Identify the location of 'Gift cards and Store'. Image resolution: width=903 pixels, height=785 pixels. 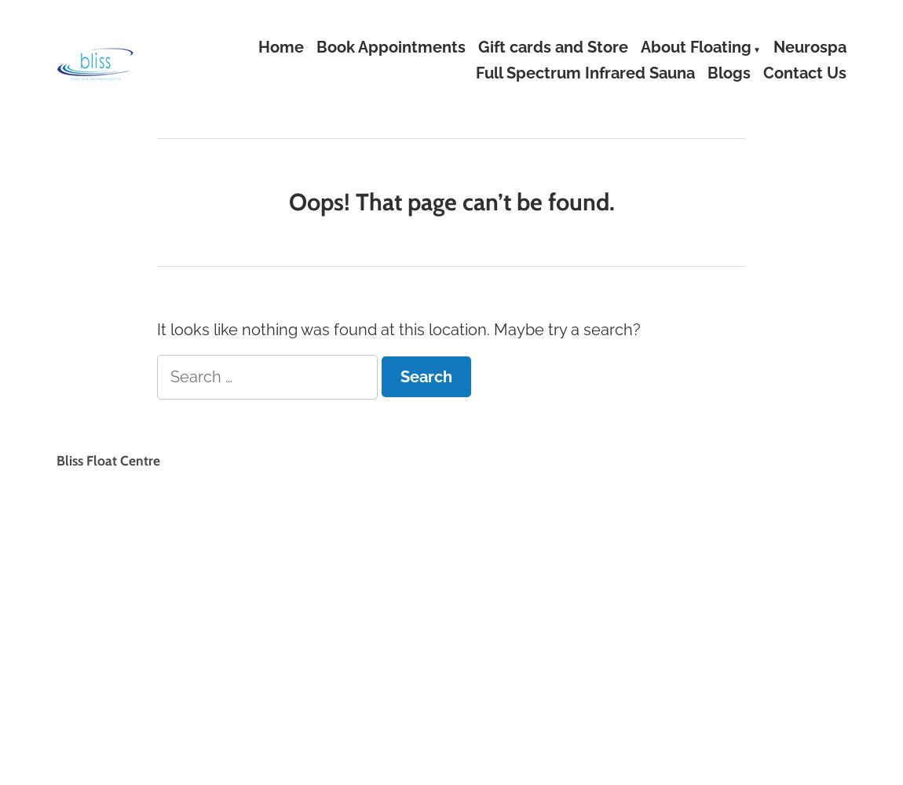
(552, 46).